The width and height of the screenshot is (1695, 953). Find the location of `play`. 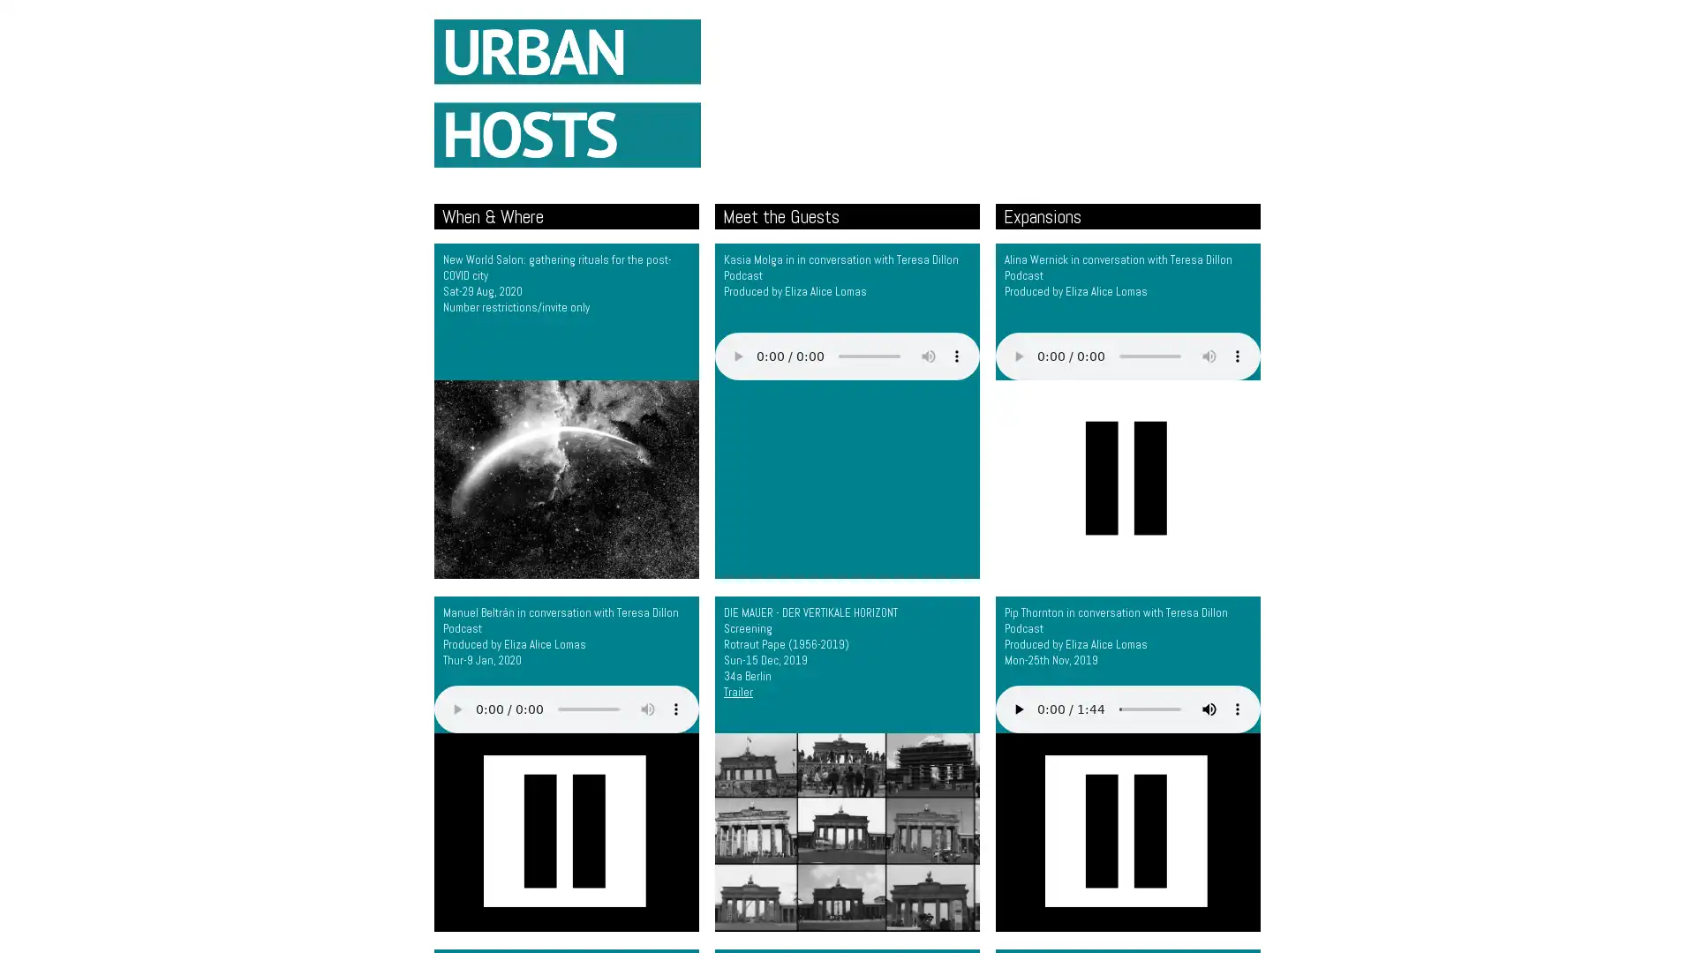

play is located at coordinates (457, 708).